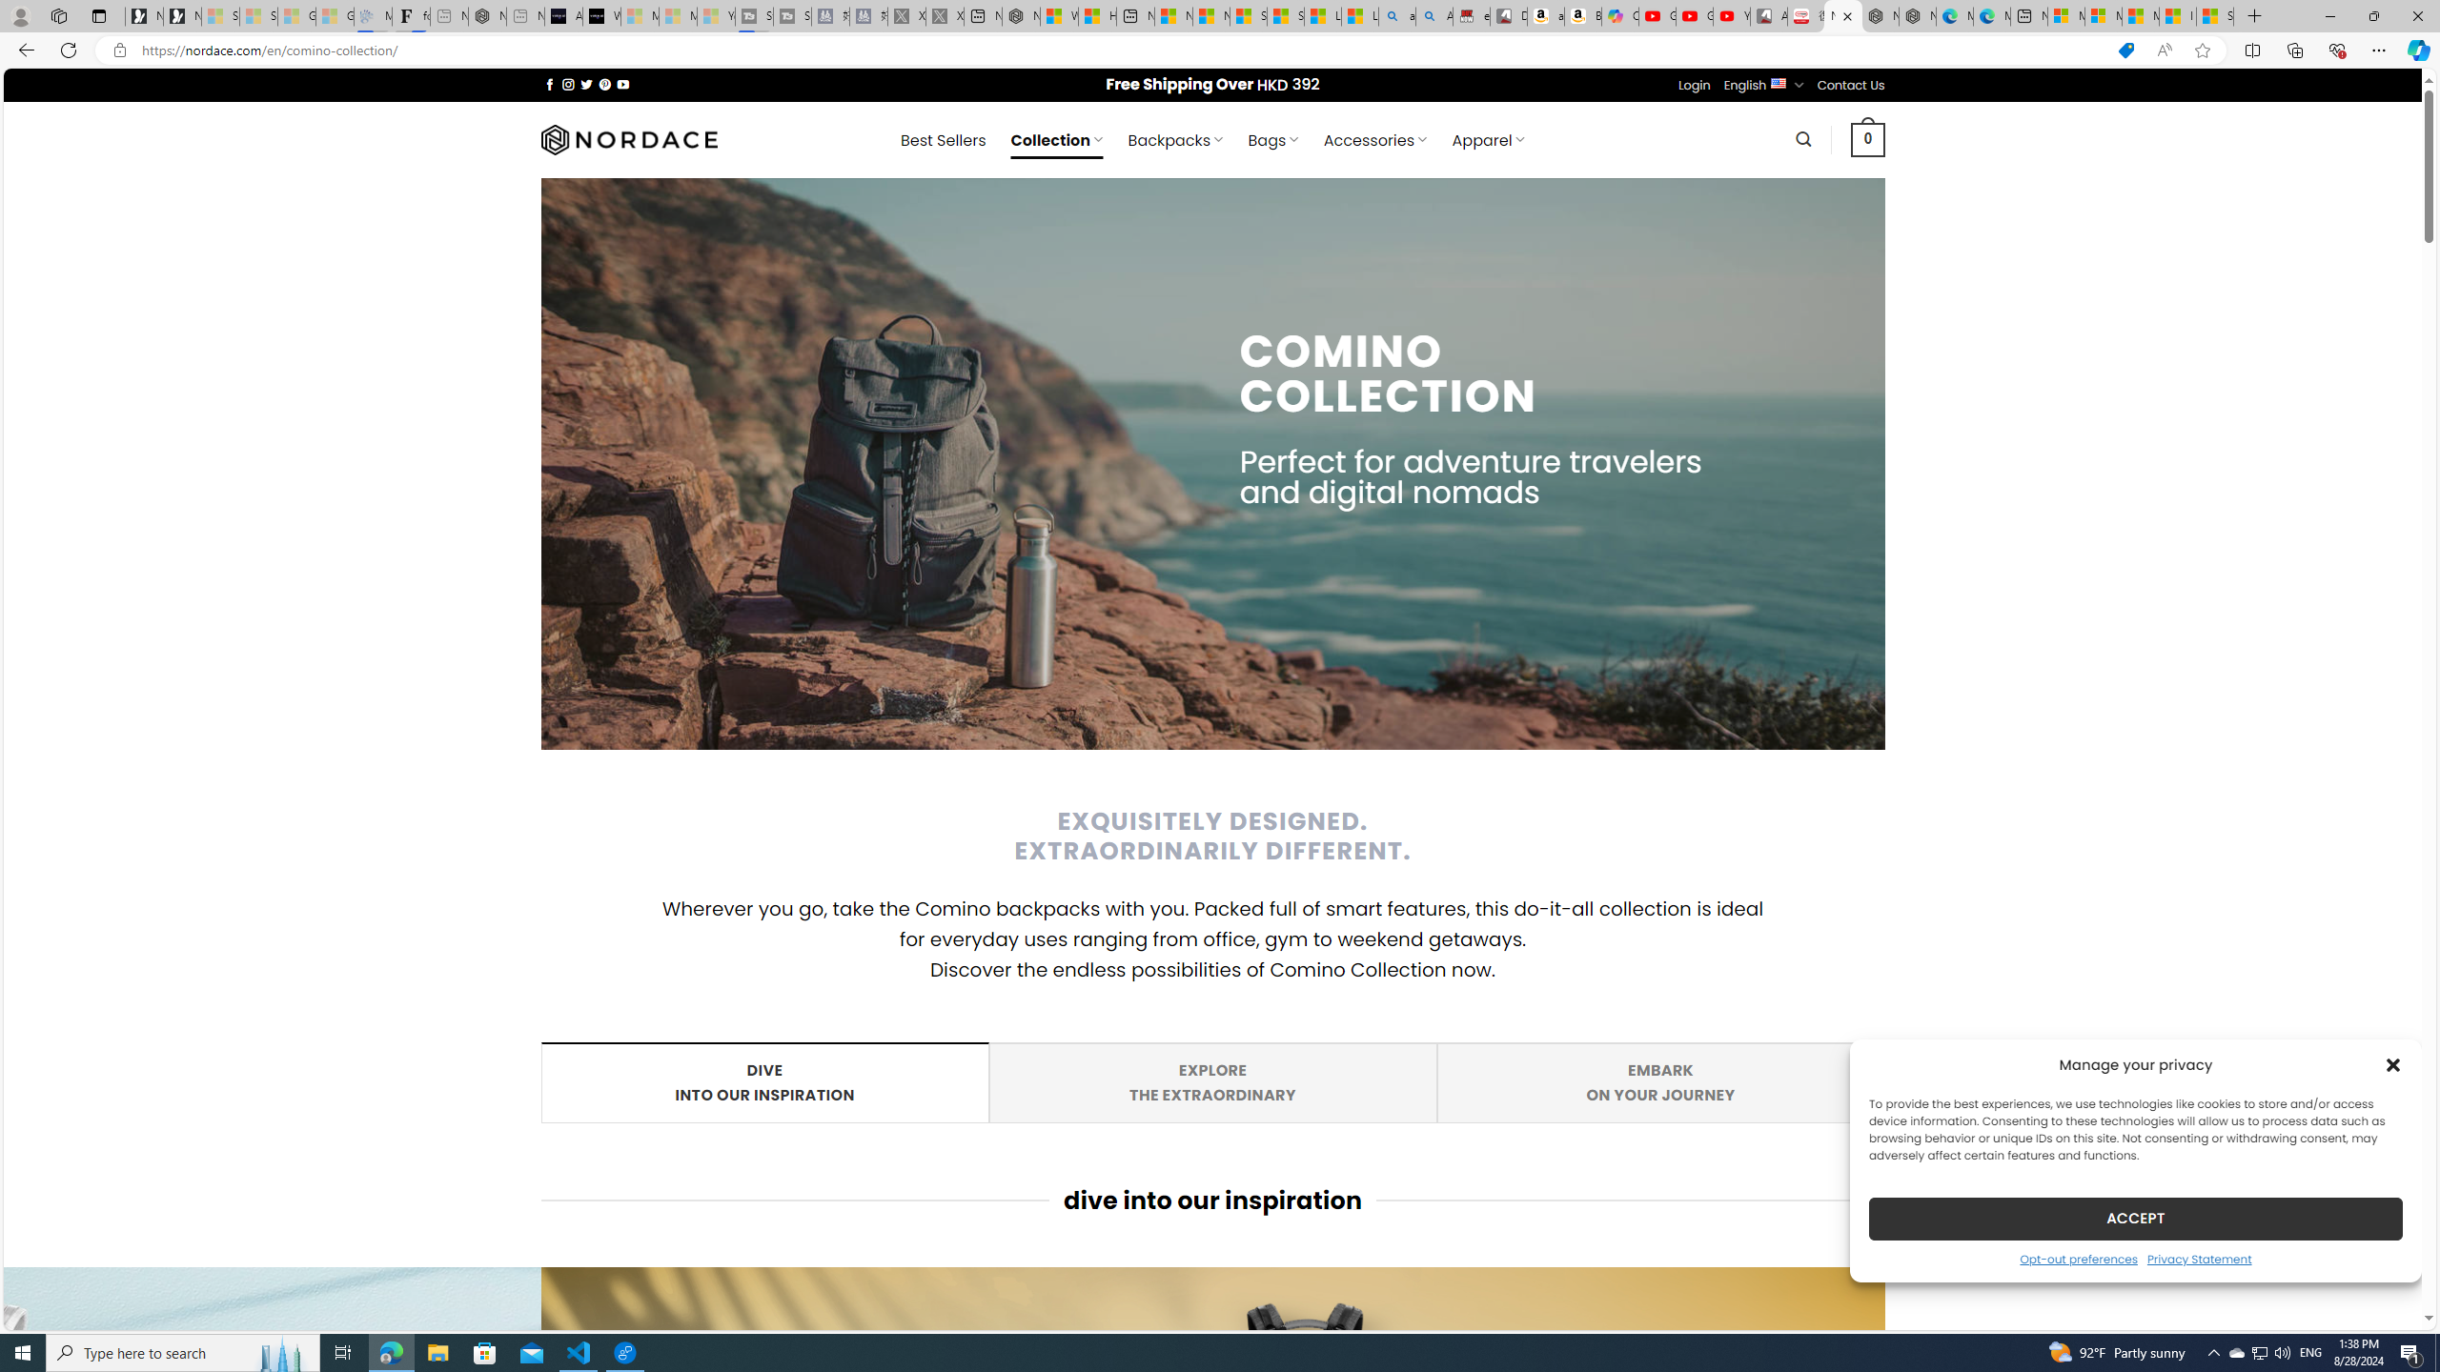 The height and width of the screenshot is (1372, 2440). Describe the element at coordinates (1732, 15) in the screenshot. I see `'YouTube Kids - An App Created for Kids to Explore Content'` at that location.